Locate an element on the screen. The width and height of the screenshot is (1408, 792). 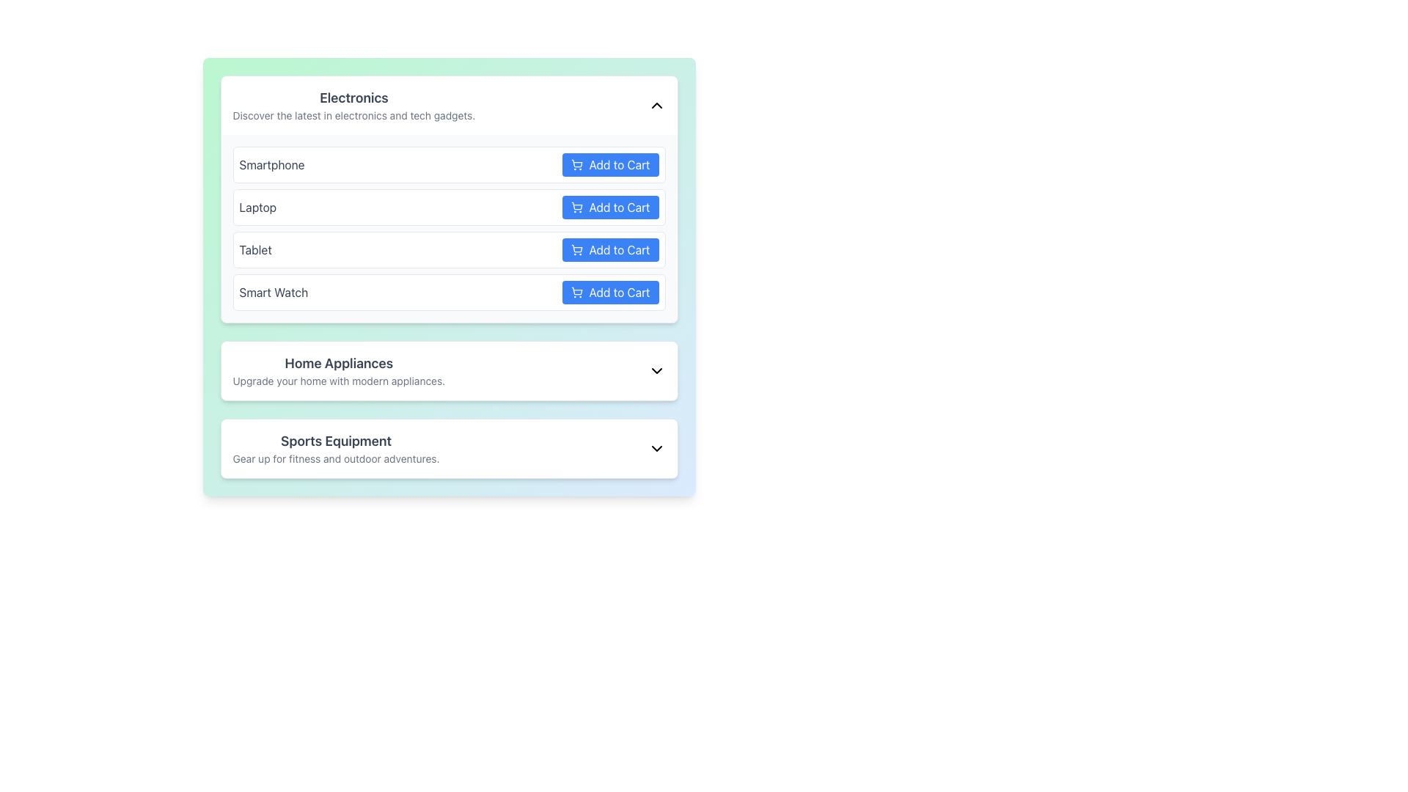
the Expandable Section element, which is located between the 'Smart Watch' and 'Sports Equipment' sections is located at coordinates (448, 370).